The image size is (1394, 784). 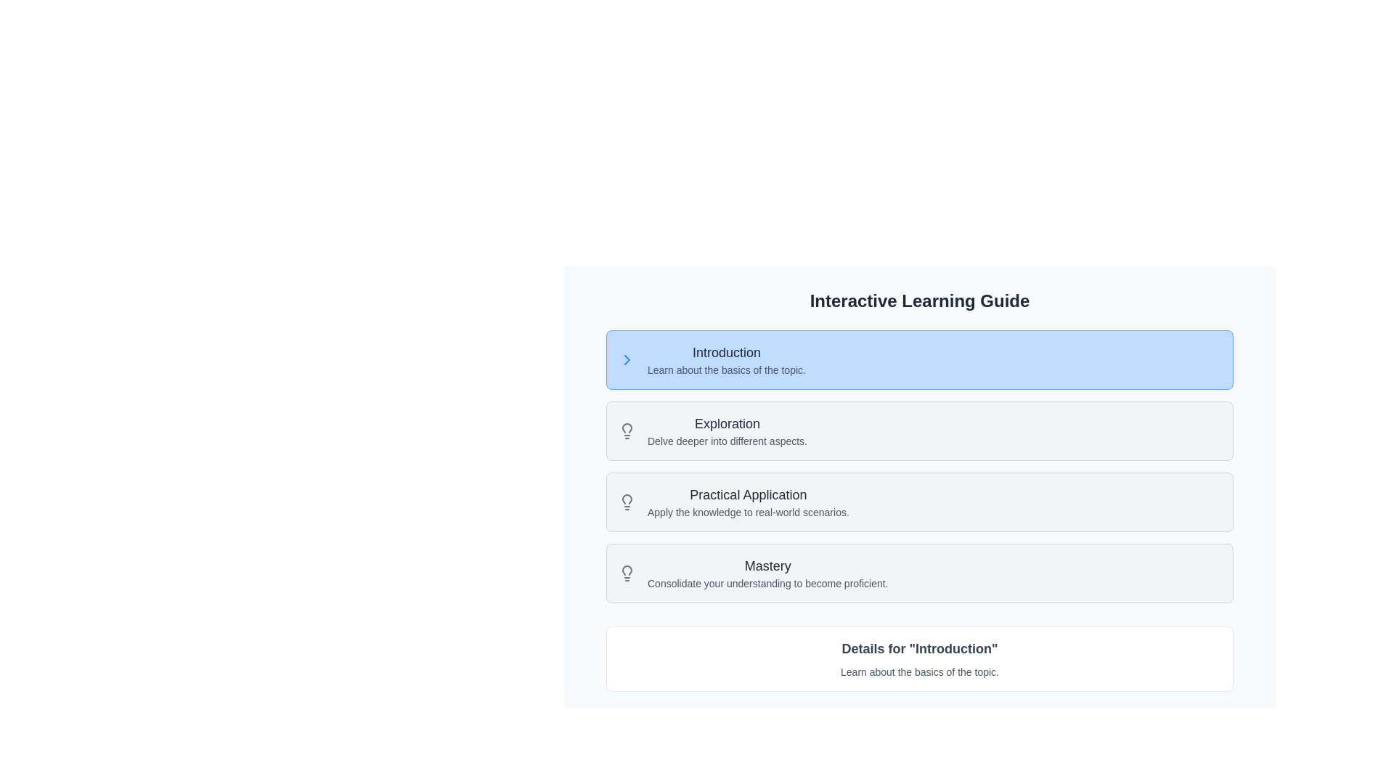 What do you see at coordinates (748, 494) in the screenshot?
I see `the 'Practical Application' text label, which is a prominently styled heading in dark gray color, located in the third section of a vertical list of labeled boxes` at bounding box center [748, 494].